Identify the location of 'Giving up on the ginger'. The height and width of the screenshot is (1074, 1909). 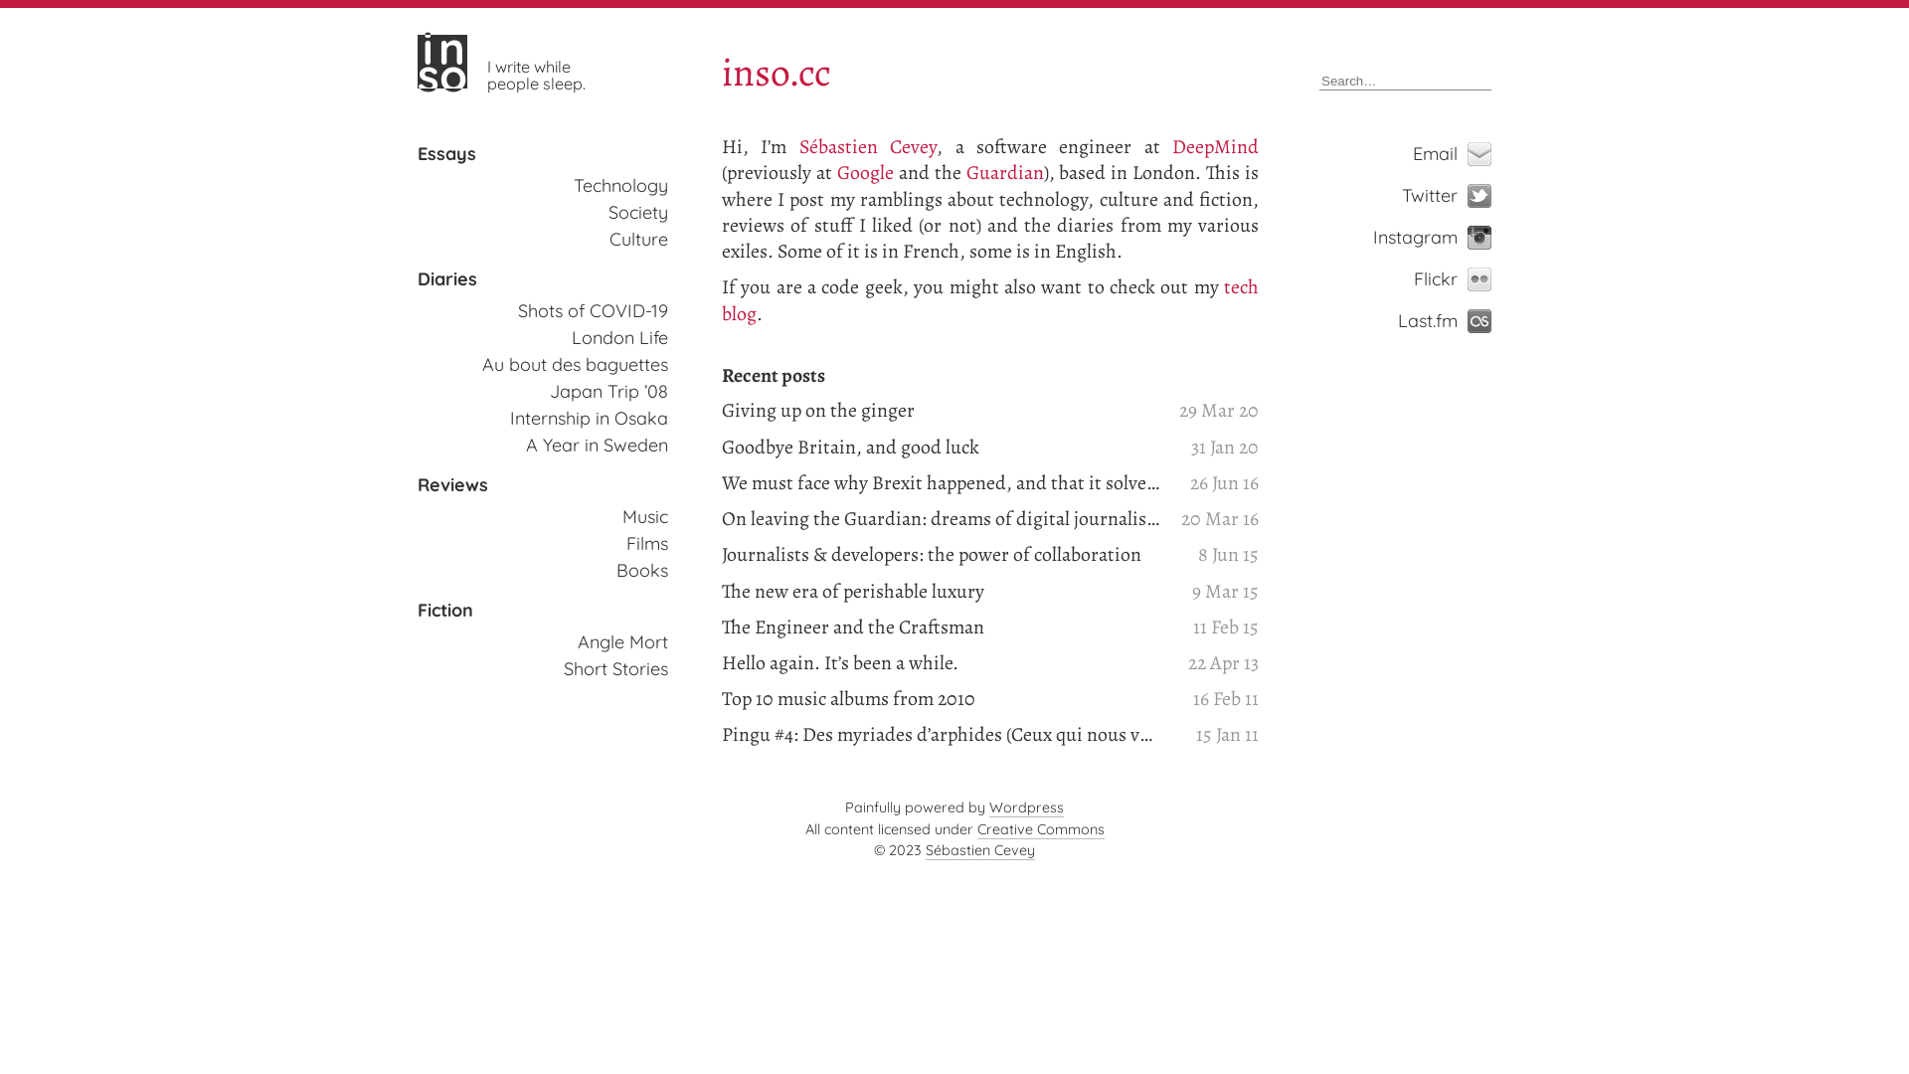
(940, 409).